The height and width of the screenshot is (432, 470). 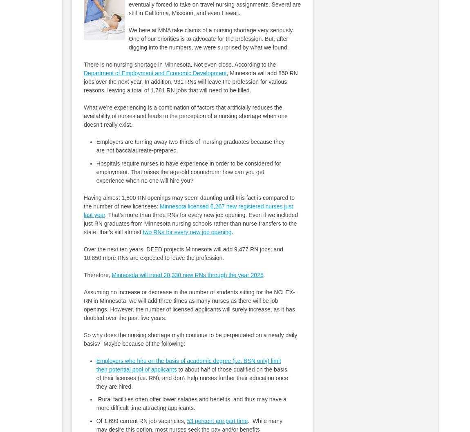 What do you see at coordinates (179, 65) in the screenshot?
I see `'There is no nursing shortage in Minnesota. Not even close. According to the'` at bounding box center [179, 65].